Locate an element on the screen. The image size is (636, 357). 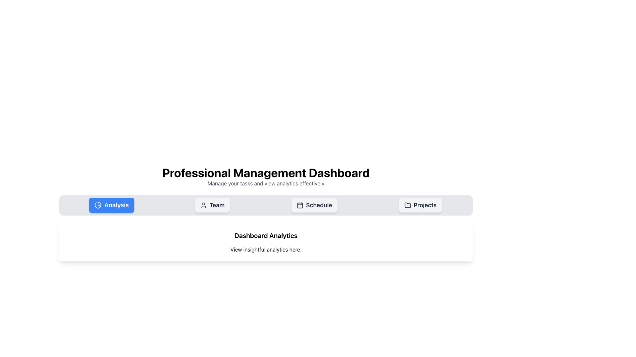
the 'Analysis' button with a blue background and white text is located at coordinates (112, 205).